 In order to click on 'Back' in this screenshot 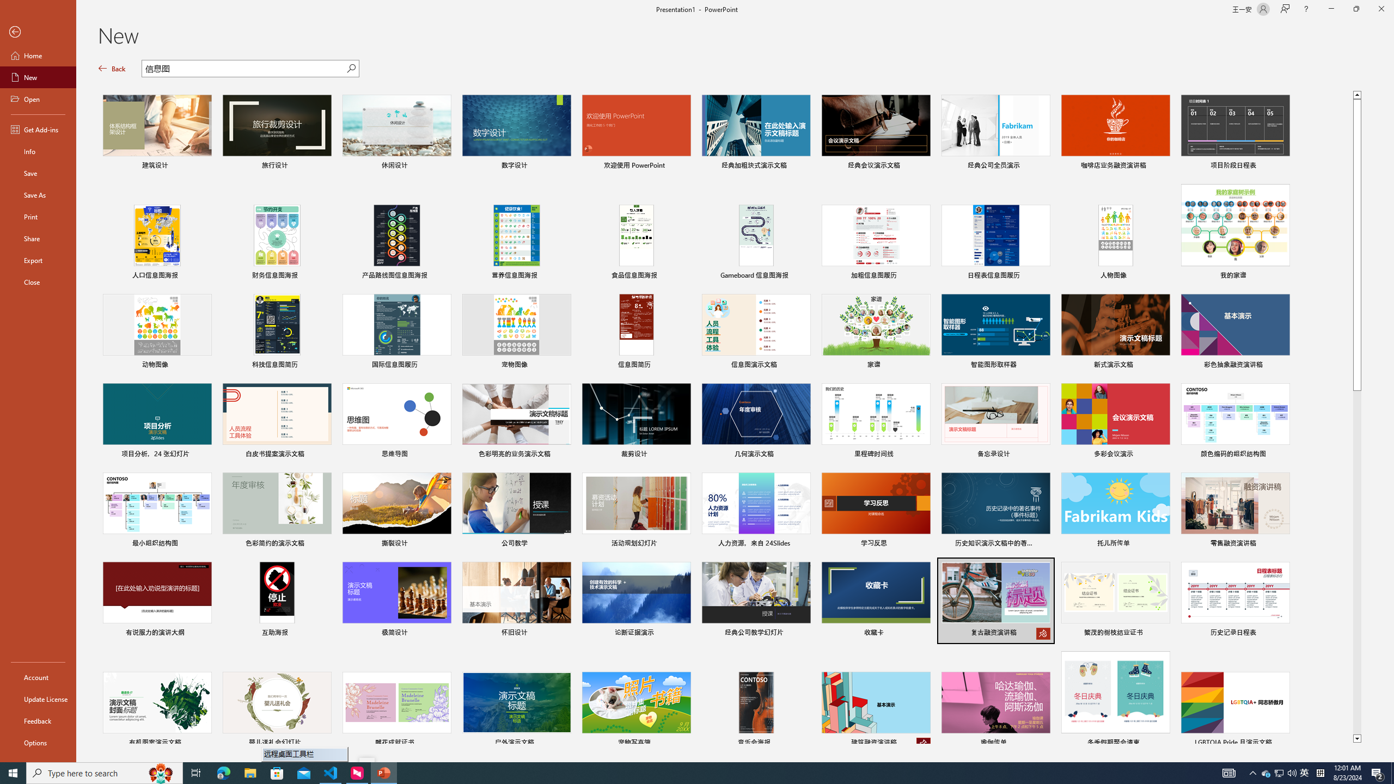, I will do `click(113, 68)`.